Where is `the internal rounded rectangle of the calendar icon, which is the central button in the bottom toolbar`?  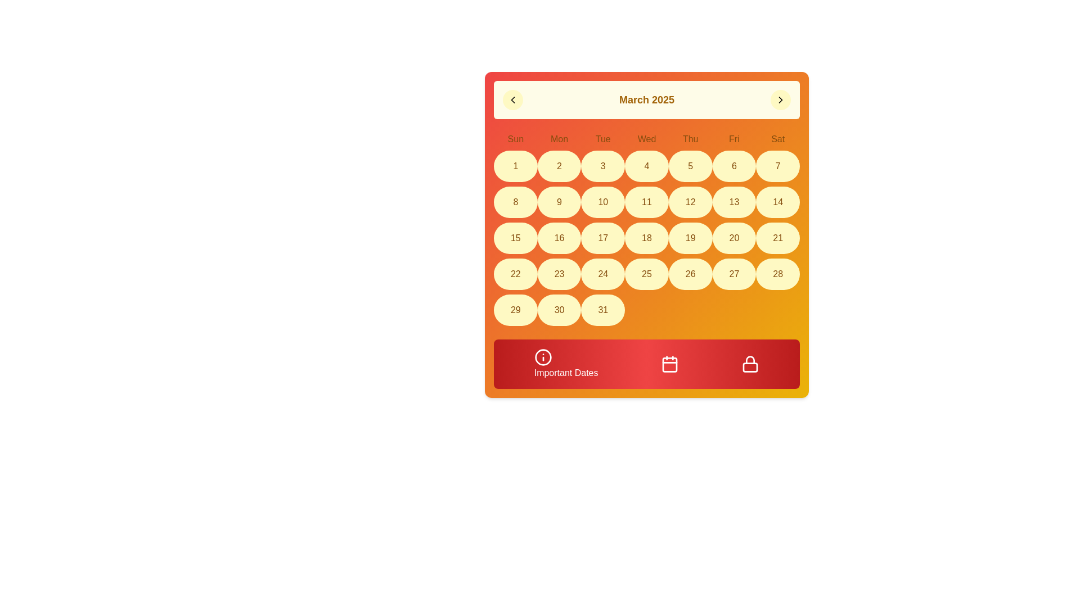
the internal rounded rectangle of the calendar icon, which is the central button in the bottom toolbar is located at coordinates (669, 365).